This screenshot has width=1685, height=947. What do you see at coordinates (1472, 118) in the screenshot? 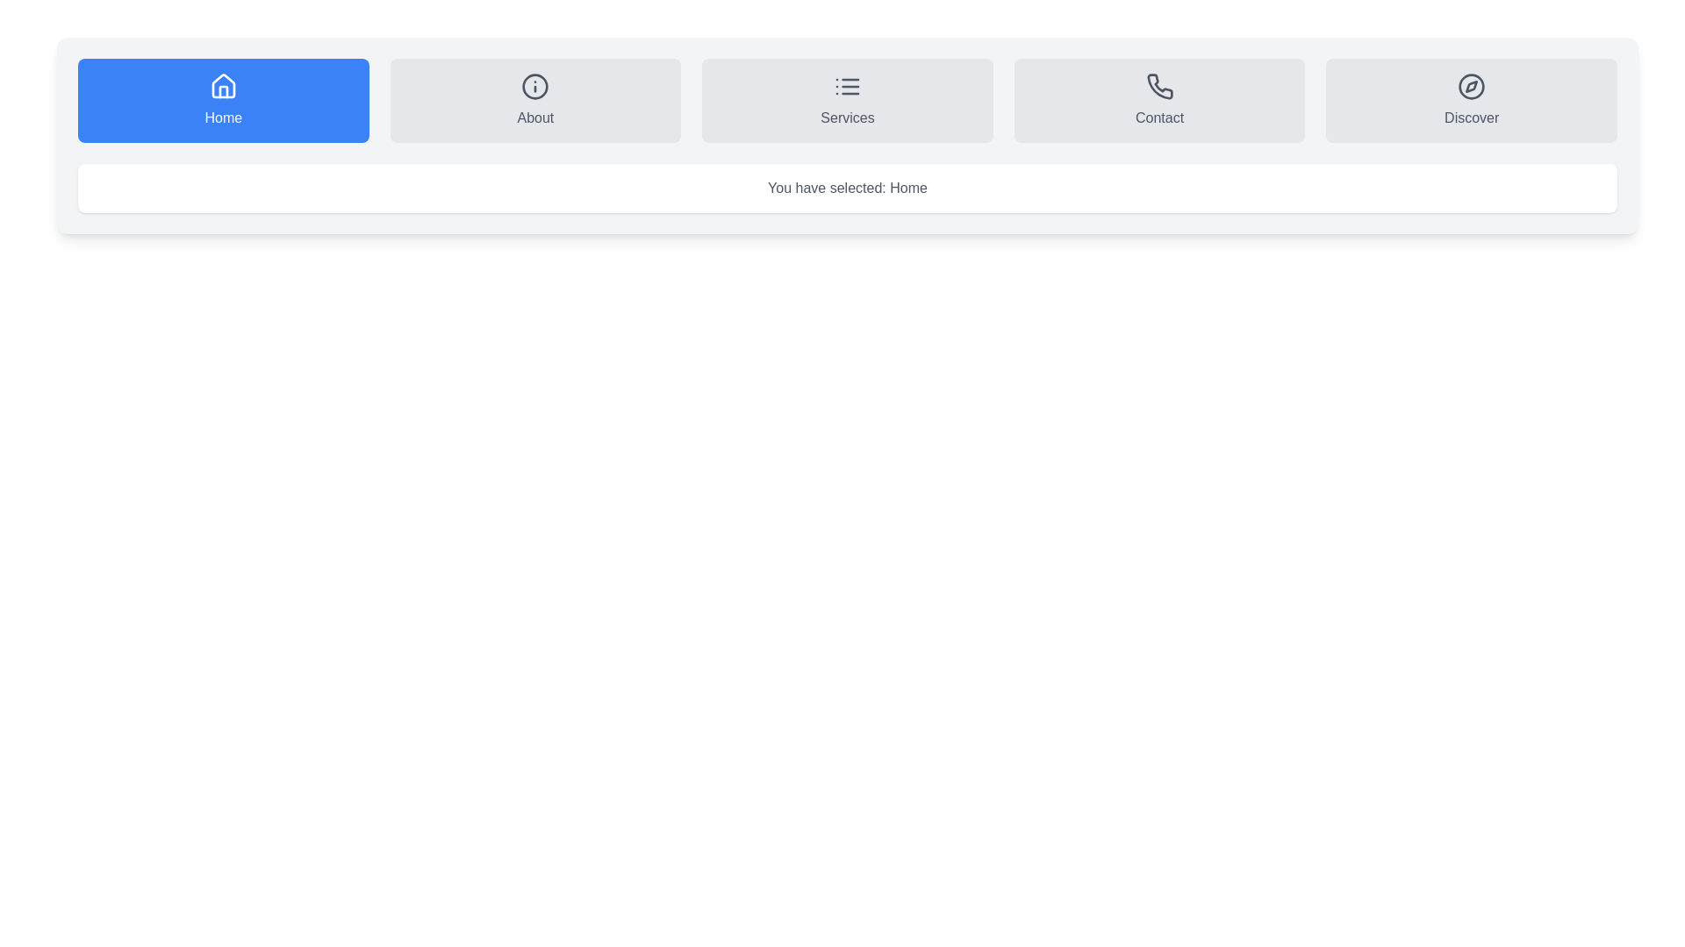
I see `text label indicating 'Discover' functionality located inside the fifth navigation button from the left in the horizontal navigation bar at the top-right corner` at bounding box center [1472, 118].